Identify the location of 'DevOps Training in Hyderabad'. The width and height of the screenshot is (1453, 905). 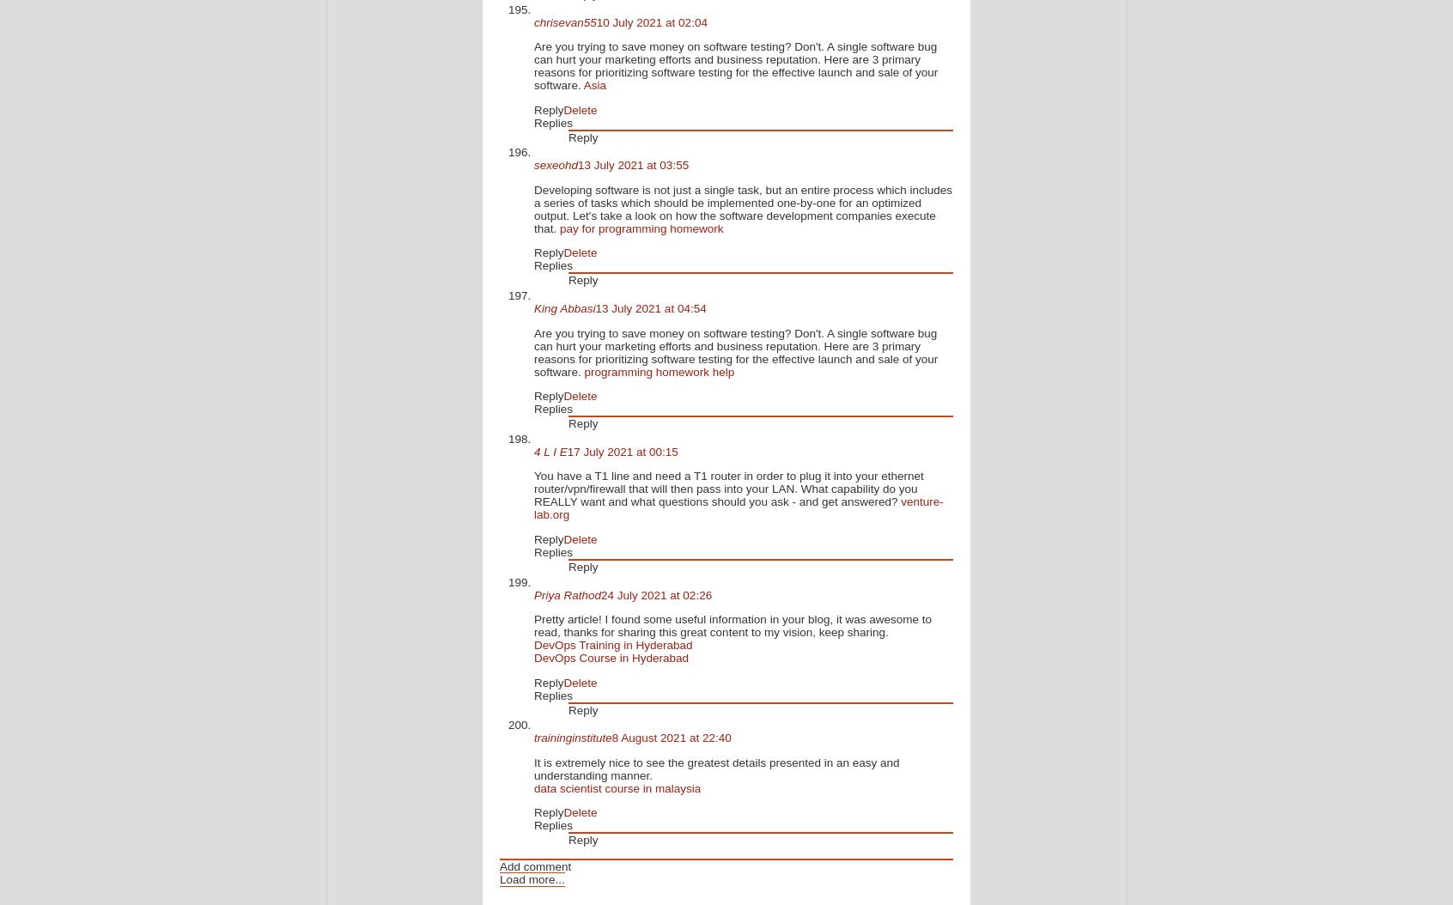
(612, 645).